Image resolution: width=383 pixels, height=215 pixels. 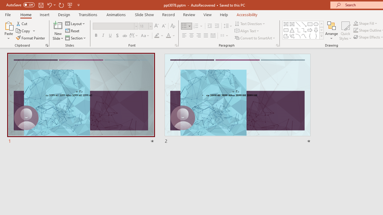 What do you see at coordinates (304, 30) in the screenshot?
I see `'Connector: Elbow Arrow'` at bounding box center [304, 30].